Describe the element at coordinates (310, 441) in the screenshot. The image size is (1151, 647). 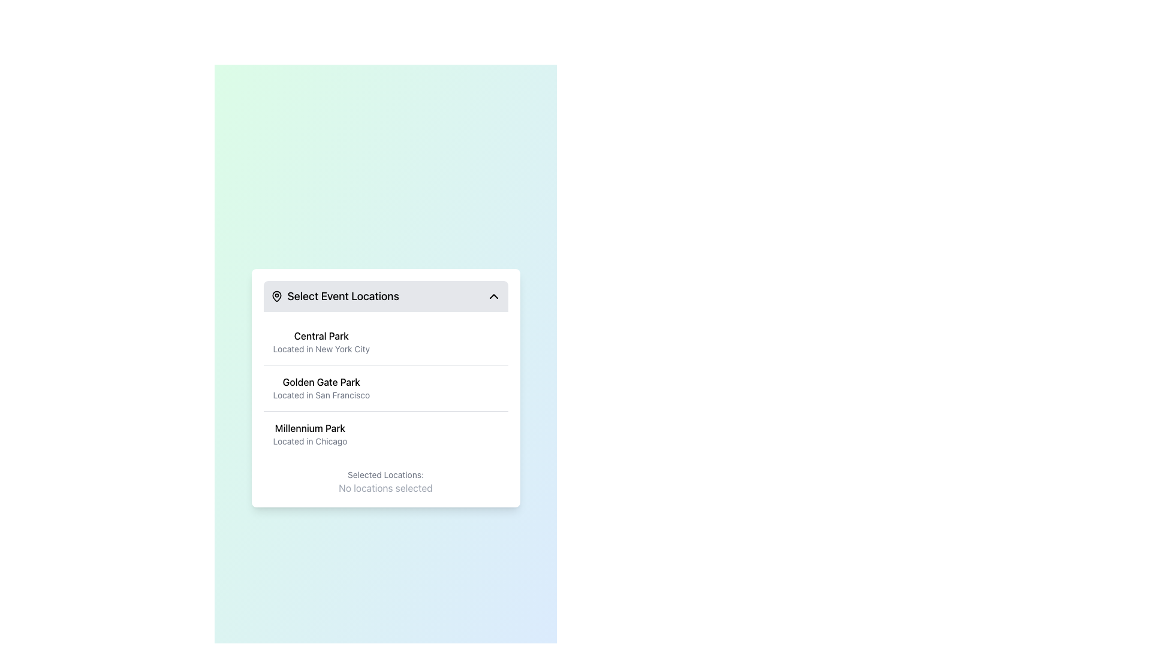
I see `the text label reading 'Located in Chicago', which is positioned below the 'Millennium Park' heading and serves as a subtitle location detail` at that location.